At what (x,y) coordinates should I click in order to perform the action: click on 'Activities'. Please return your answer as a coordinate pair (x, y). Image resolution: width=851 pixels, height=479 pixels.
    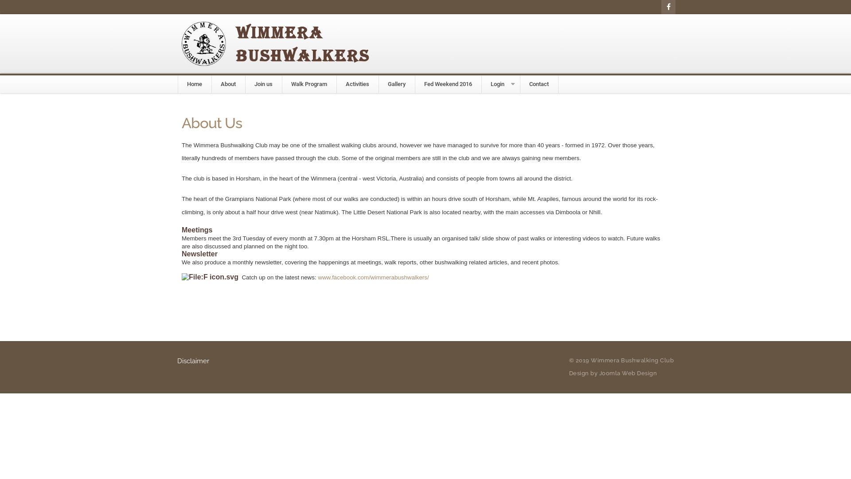
    Looking at the image, I should click on (357, 84).